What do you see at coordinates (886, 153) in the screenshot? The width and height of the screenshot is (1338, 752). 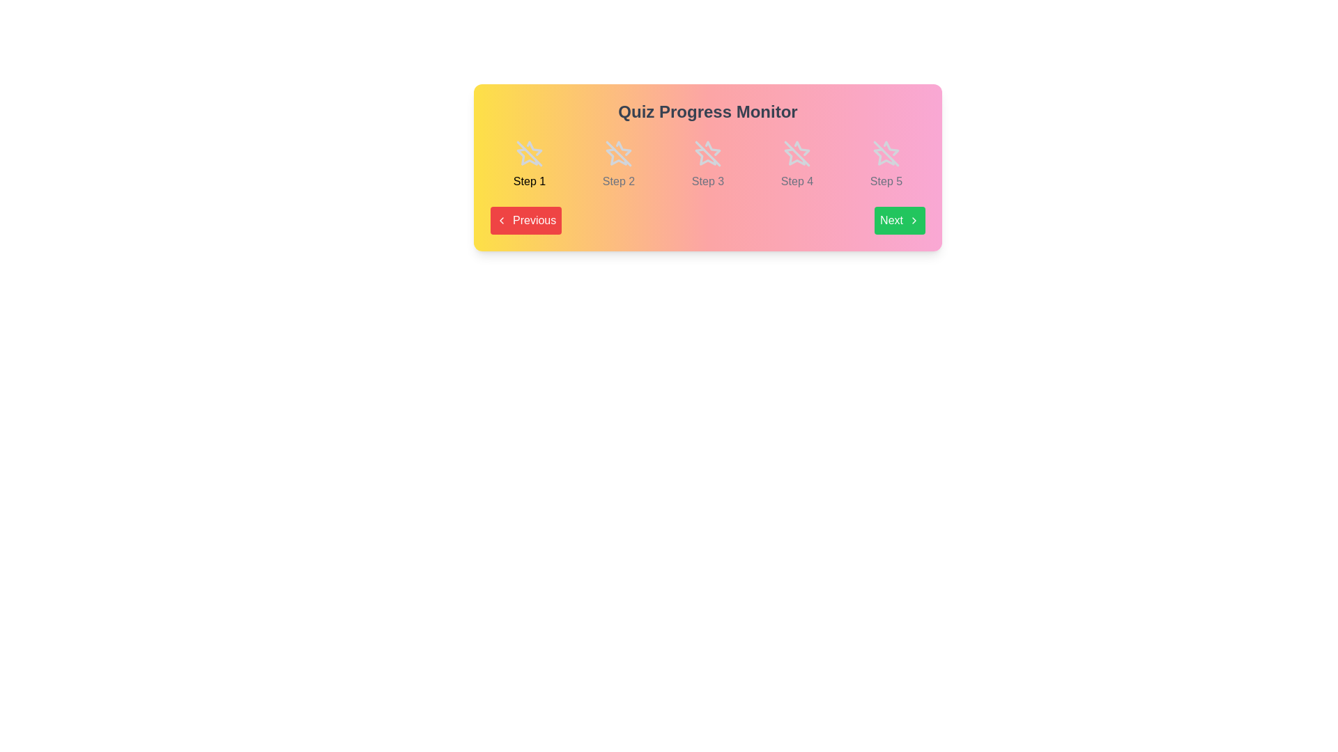 I see `the fifth step icon in the step progression sequence, labeled 'Step 5', which indicates that the step is incomplete` at bounding box center [886, 153].